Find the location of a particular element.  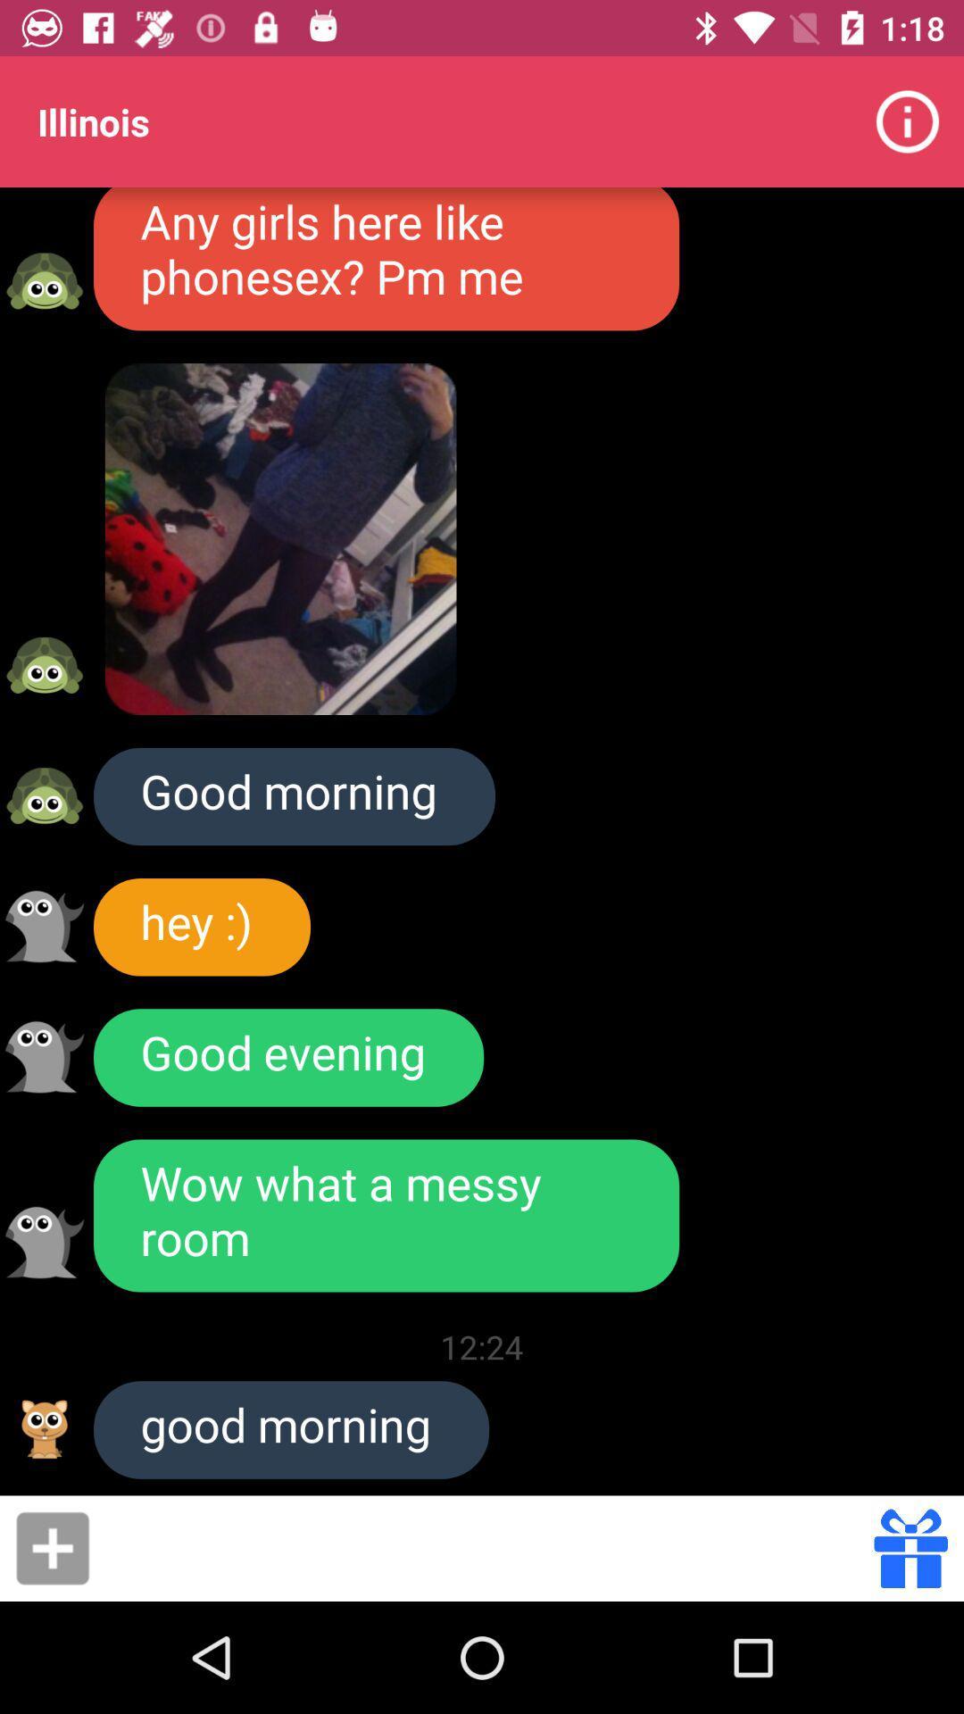

item above wow what a icon is located at coordinates (287, 1058).